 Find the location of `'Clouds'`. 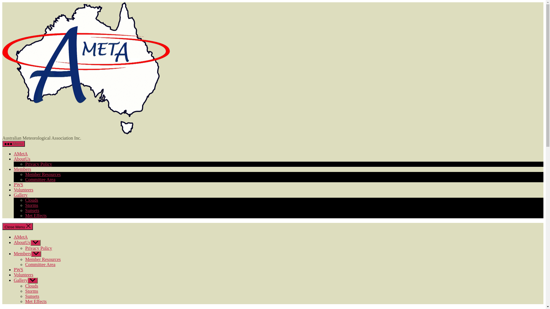

'Clouds' is located at coordinates (31, 200).